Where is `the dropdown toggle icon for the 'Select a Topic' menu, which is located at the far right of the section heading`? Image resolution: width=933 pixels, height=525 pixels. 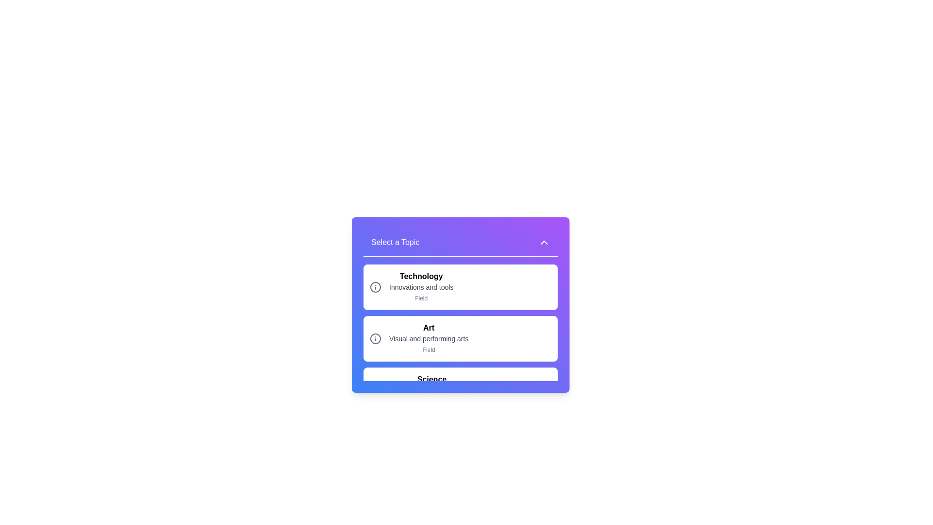
the dropdown toggle icon for the 'Select a Topic' menu, which is located at the far right of the section heading is located at coordinates (543, 242).